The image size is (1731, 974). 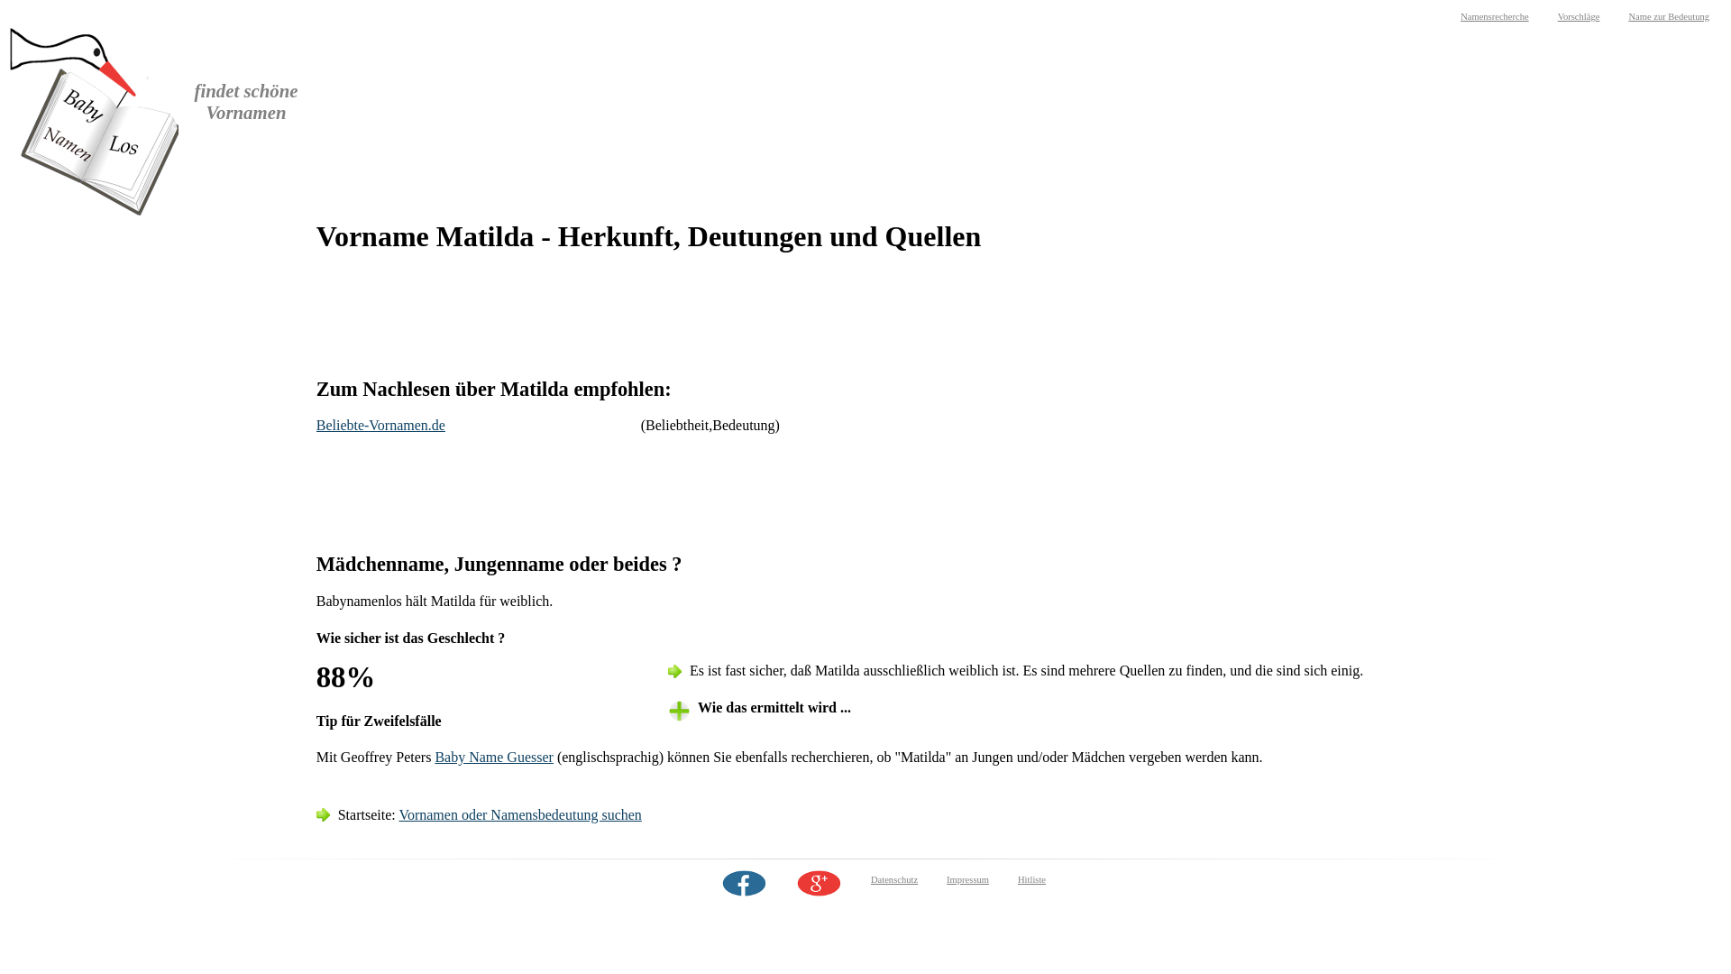 What do you see at coordinates (966, 878) in the screenshot?
I see `'Impressum'` at bounding box center [966, 878].